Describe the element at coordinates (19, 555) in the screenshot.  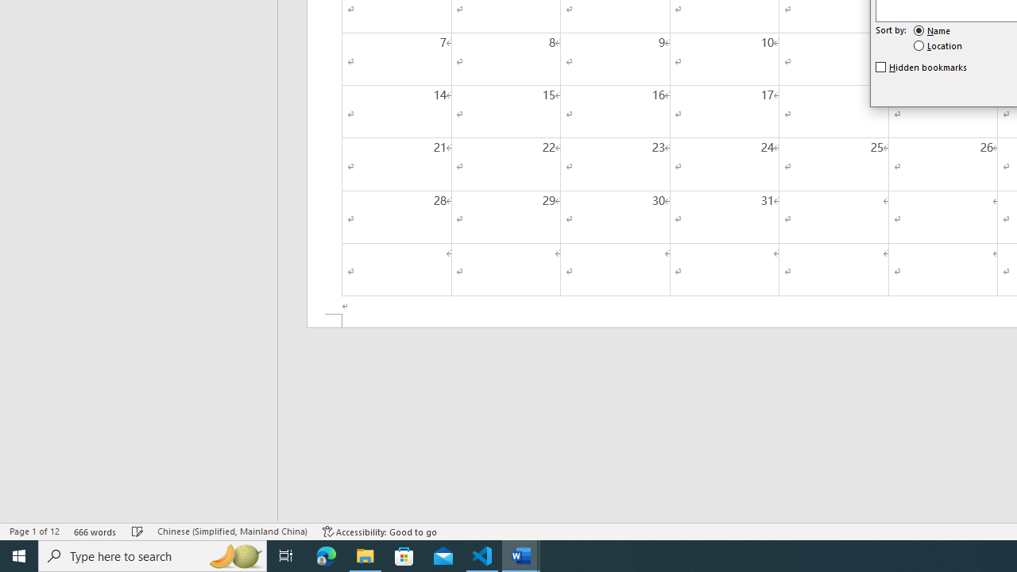
I see `'Start'` at that location.